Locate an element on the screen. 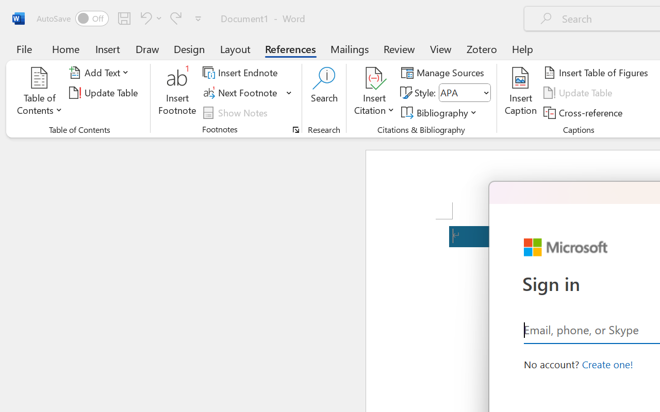 Image resolution: width=660 pixels, height=412 pixels. 'Cross-reference...' is located at coordinates (585, 112).